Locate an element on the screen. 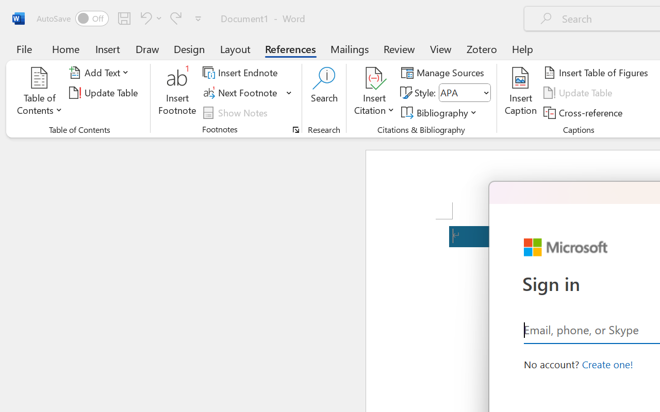 Image resolution: width=660 pixels, height=412 pixels. 'Cross-reference...' is located at coordinates (585, 112).